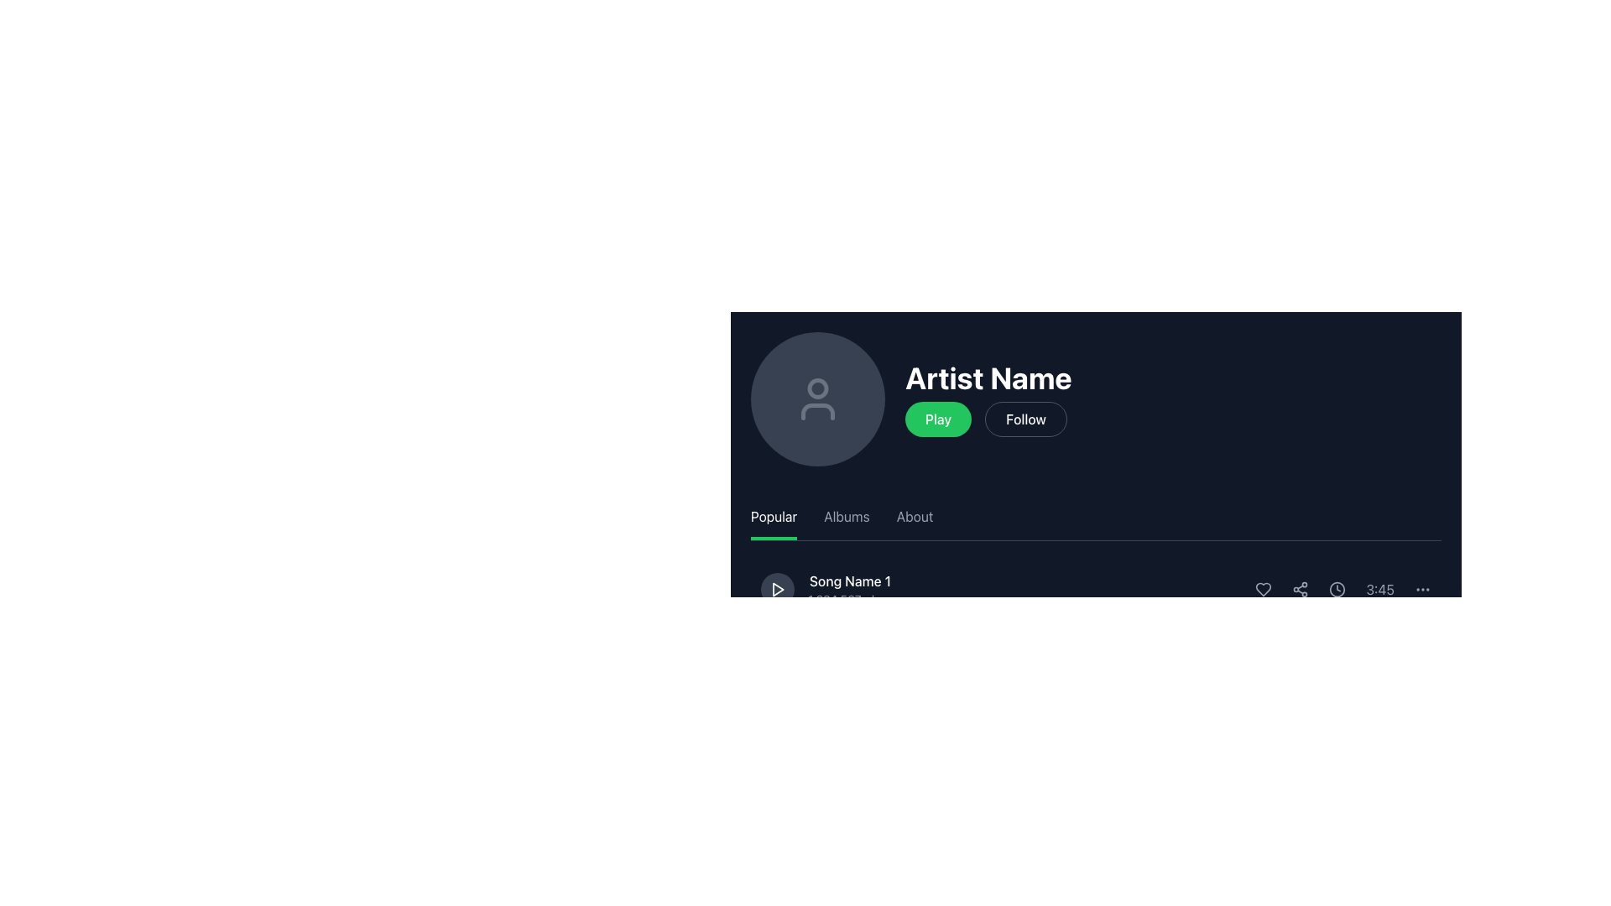 This screenshot has height=906, width=1611. What do you see at coordinates (772, 516) in the screenshot?
I see `the 'Popular' text link in the navigation bar` at bounding box center [772, 516].